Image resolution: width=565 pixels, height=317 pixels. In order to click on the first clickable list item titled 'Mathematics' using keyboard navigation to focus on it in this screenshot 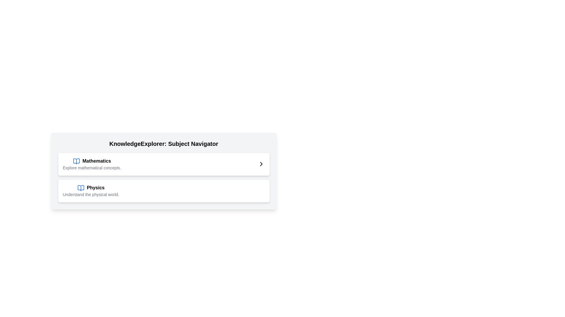, I will do `click(92, 164)`.